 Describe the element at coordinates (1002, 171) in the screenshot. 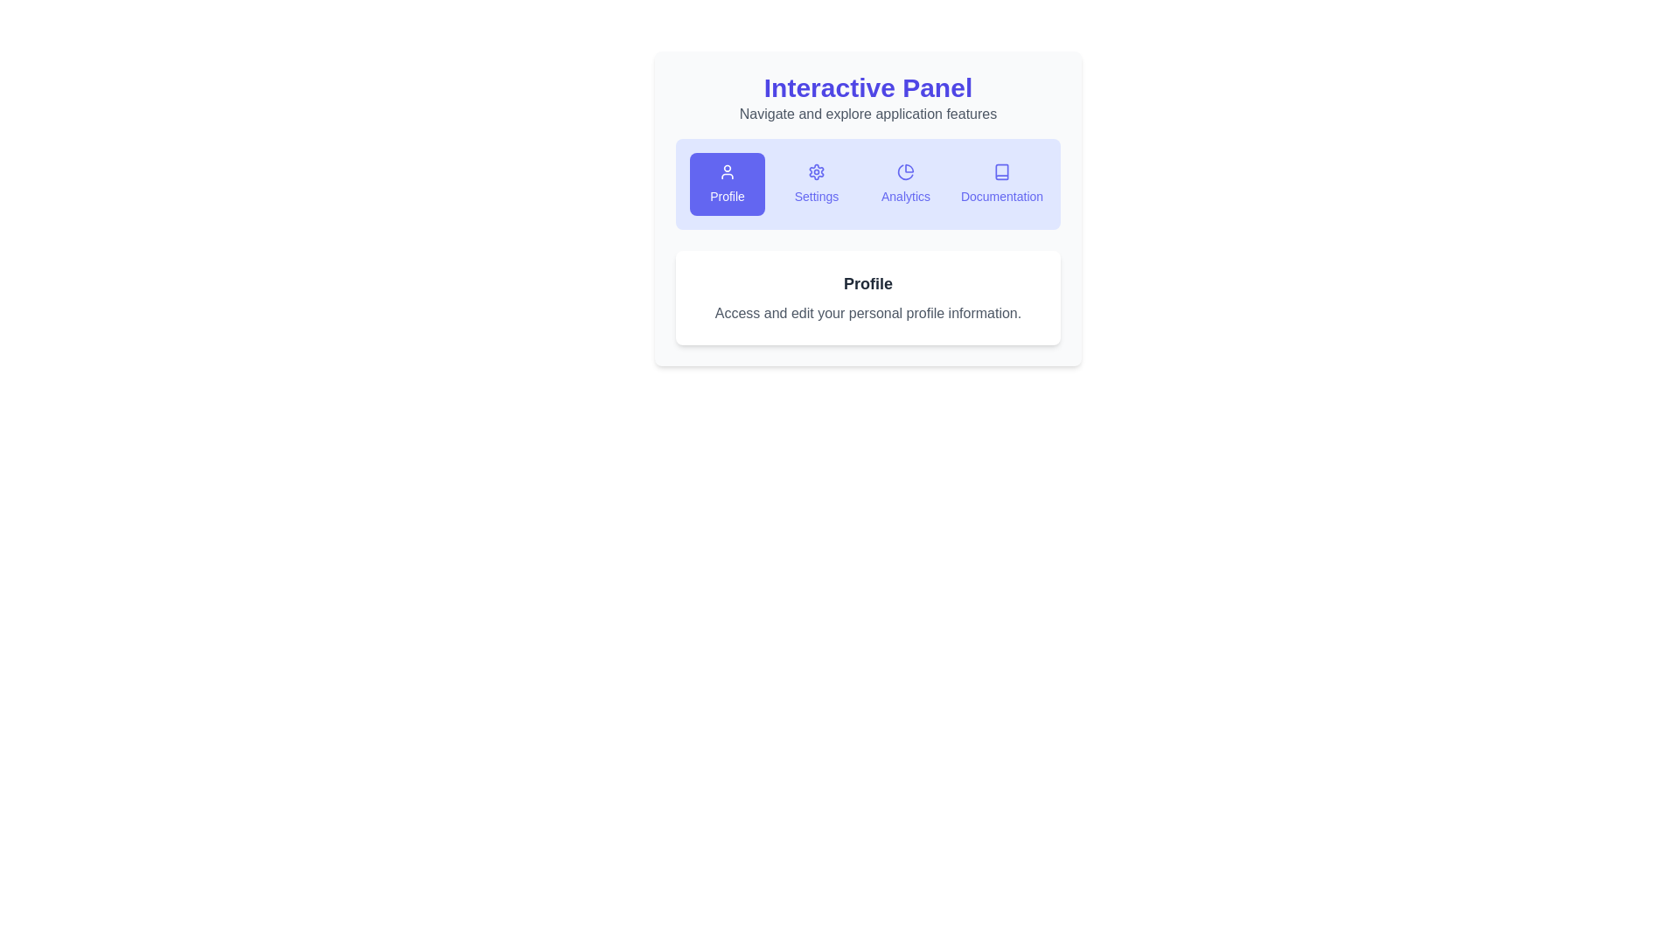

I see `the 'Documentation' icon located on the rightmost side of the top button row` at that location.